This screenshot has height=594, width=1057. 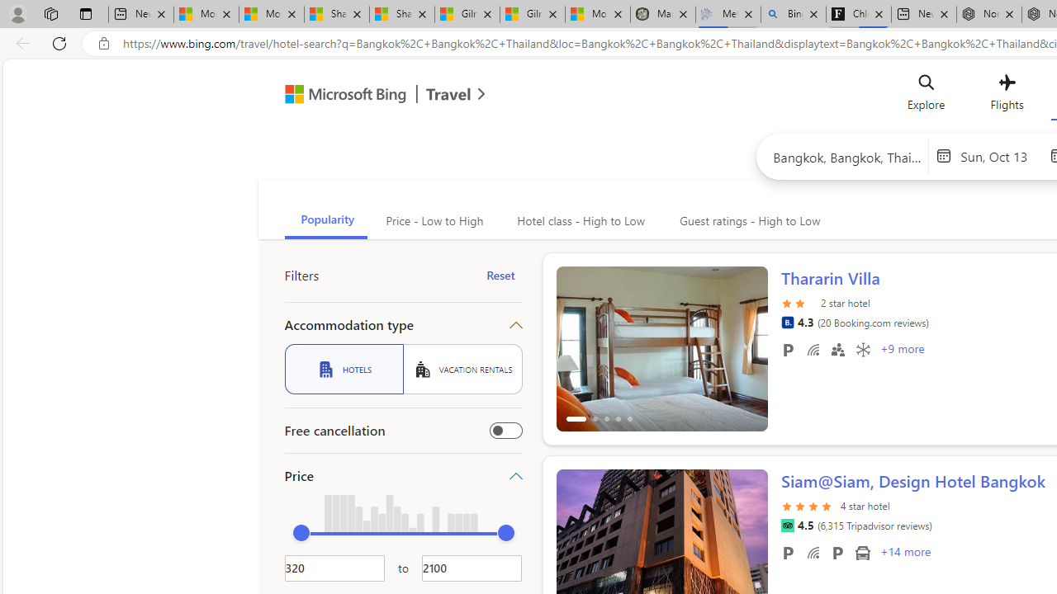 What do you see at coordinates (403, 324) in the screenshot?
I see `'Accommodation type'` at bounding box center [403, 324].